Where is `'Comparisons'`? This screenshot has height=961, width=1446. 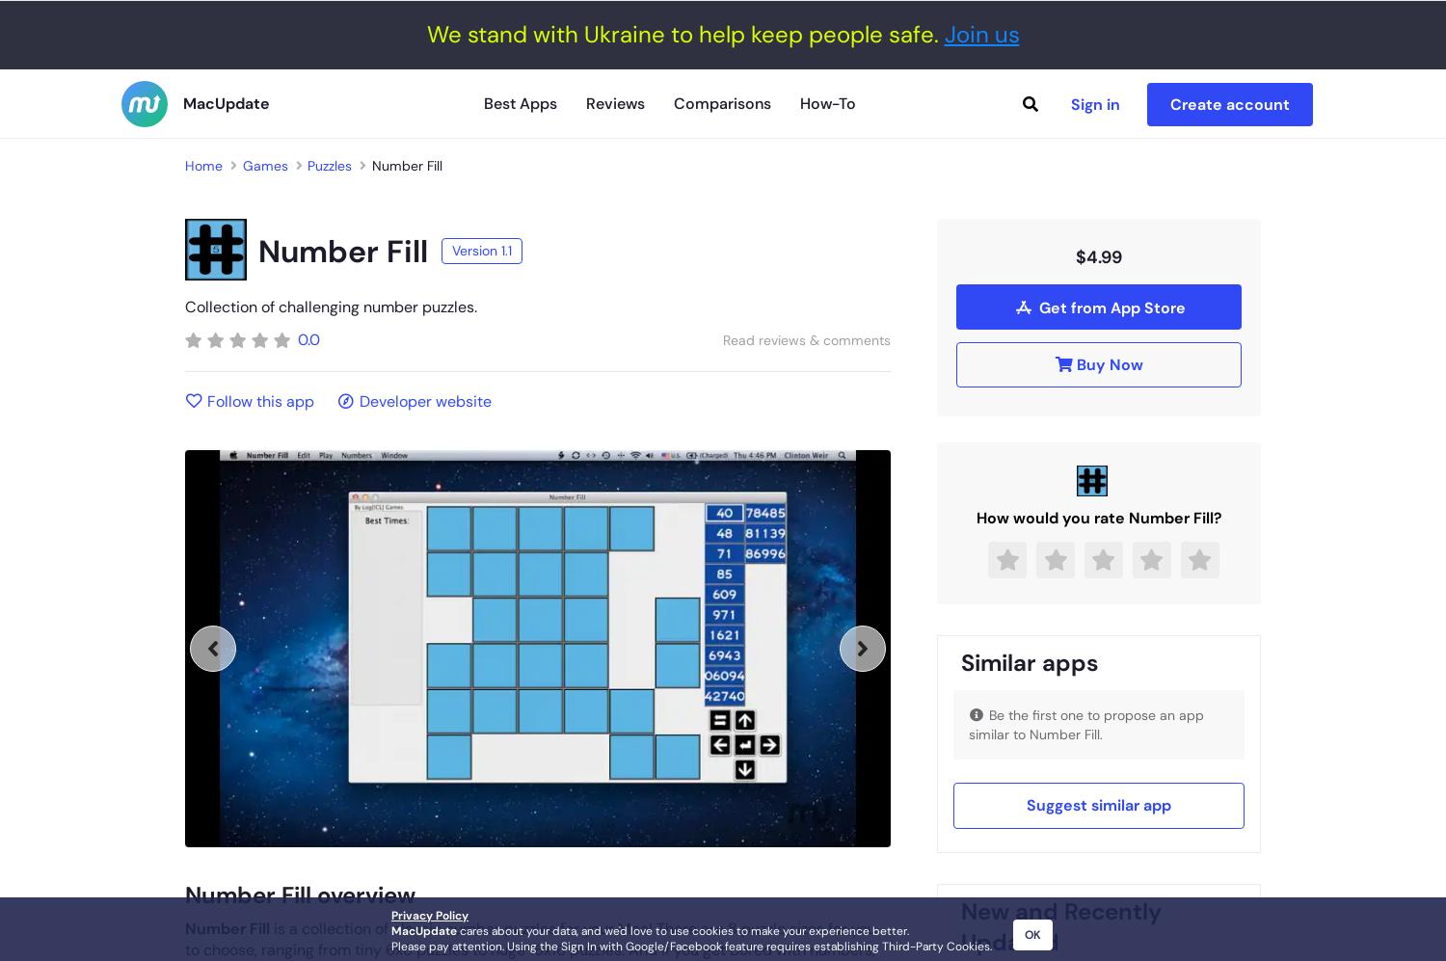
'Comparisons' is located at coordinates (673, 102).